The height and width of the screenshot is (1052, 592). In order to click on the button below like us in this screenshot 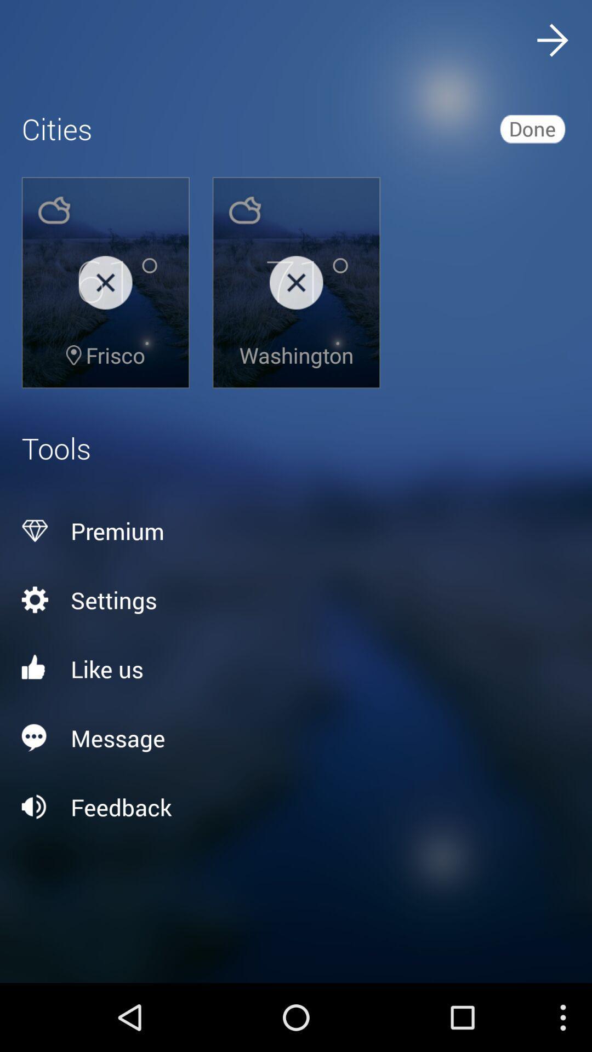, I will do `click(296, 738)`.